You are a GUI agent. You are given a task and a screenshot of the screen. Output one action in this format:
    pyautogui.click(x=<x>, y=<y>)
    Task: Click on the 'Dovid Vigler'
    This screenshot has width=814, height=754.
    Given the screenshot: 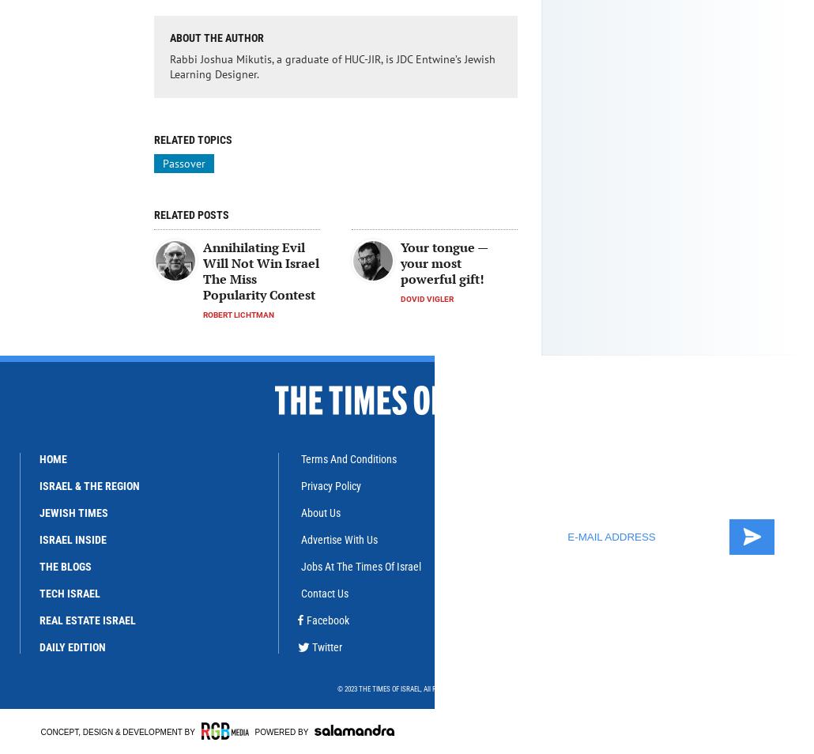 What is the action you would take?
    pyautogui.click(x=427, y=299)
    